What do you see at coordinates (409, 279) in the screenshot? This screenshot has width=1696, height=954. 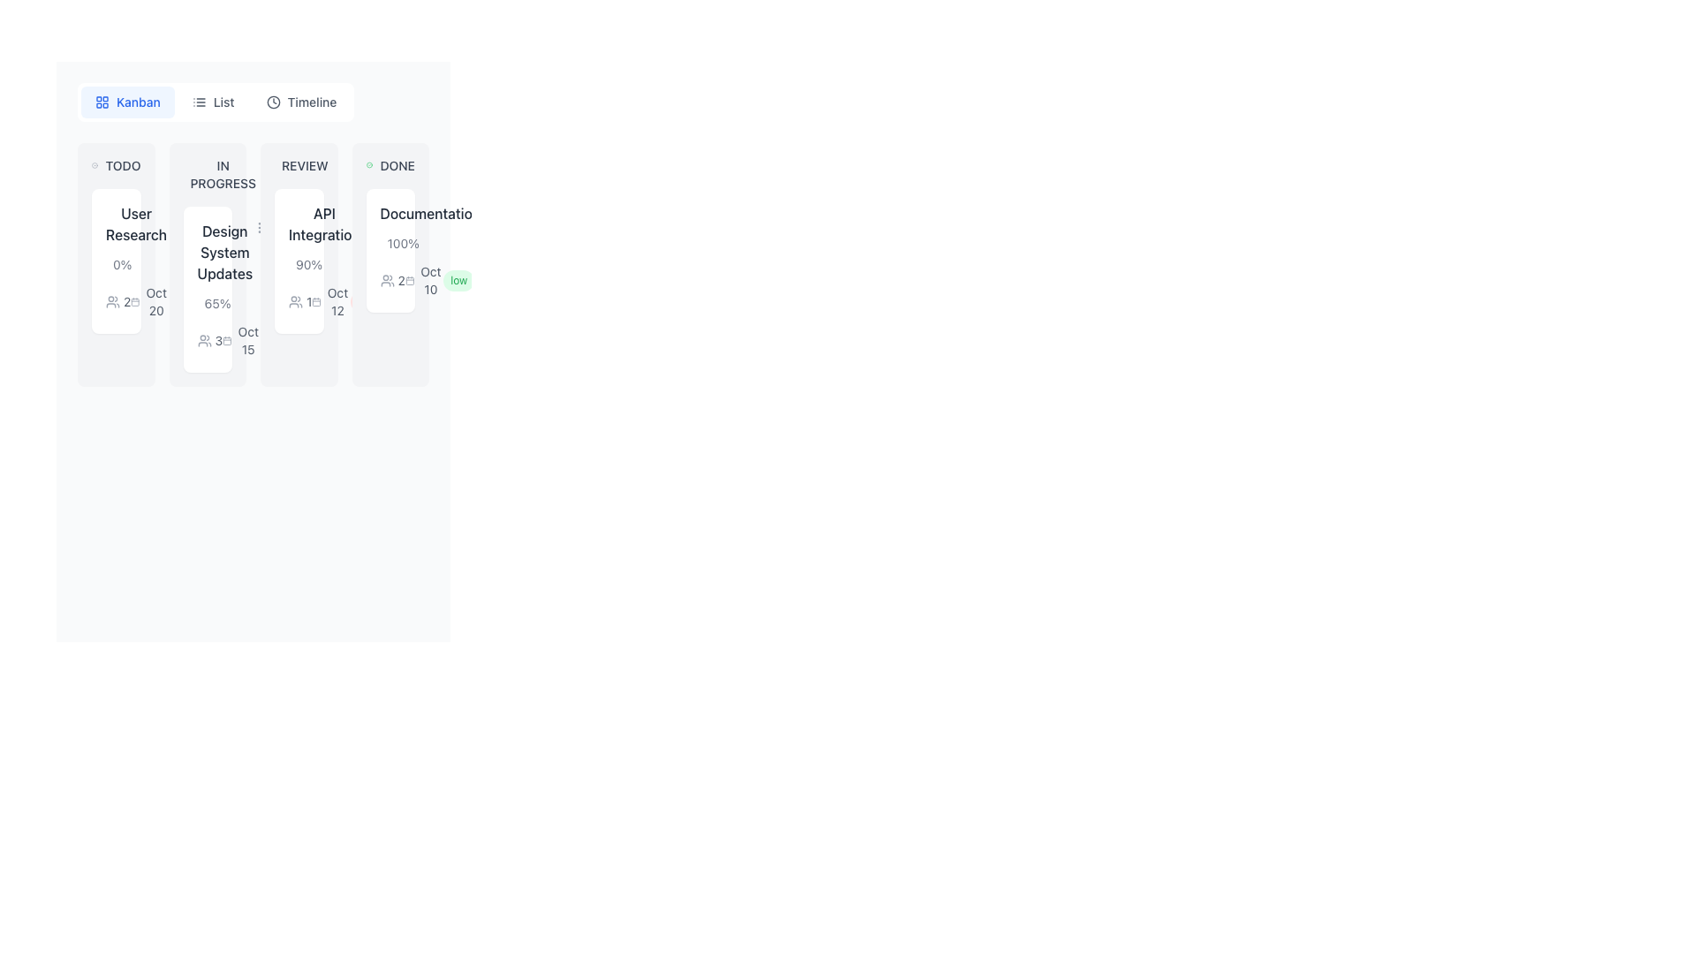 I see `the date indicator icon located to the left of the date label 'Oct 10' within the 'Done' category card in the Kanban-style display` at bounding box center [409, 279].